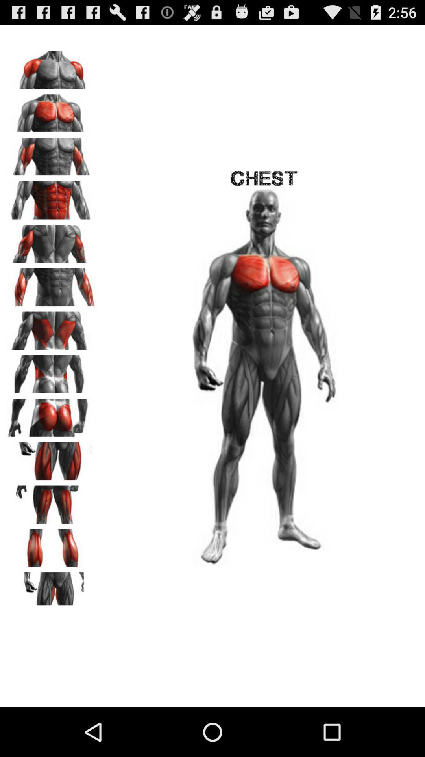 The image size is (425, 757). Describe the element at coordinates (52, 198) in the screenshot. I see `open stomach option` at that location.